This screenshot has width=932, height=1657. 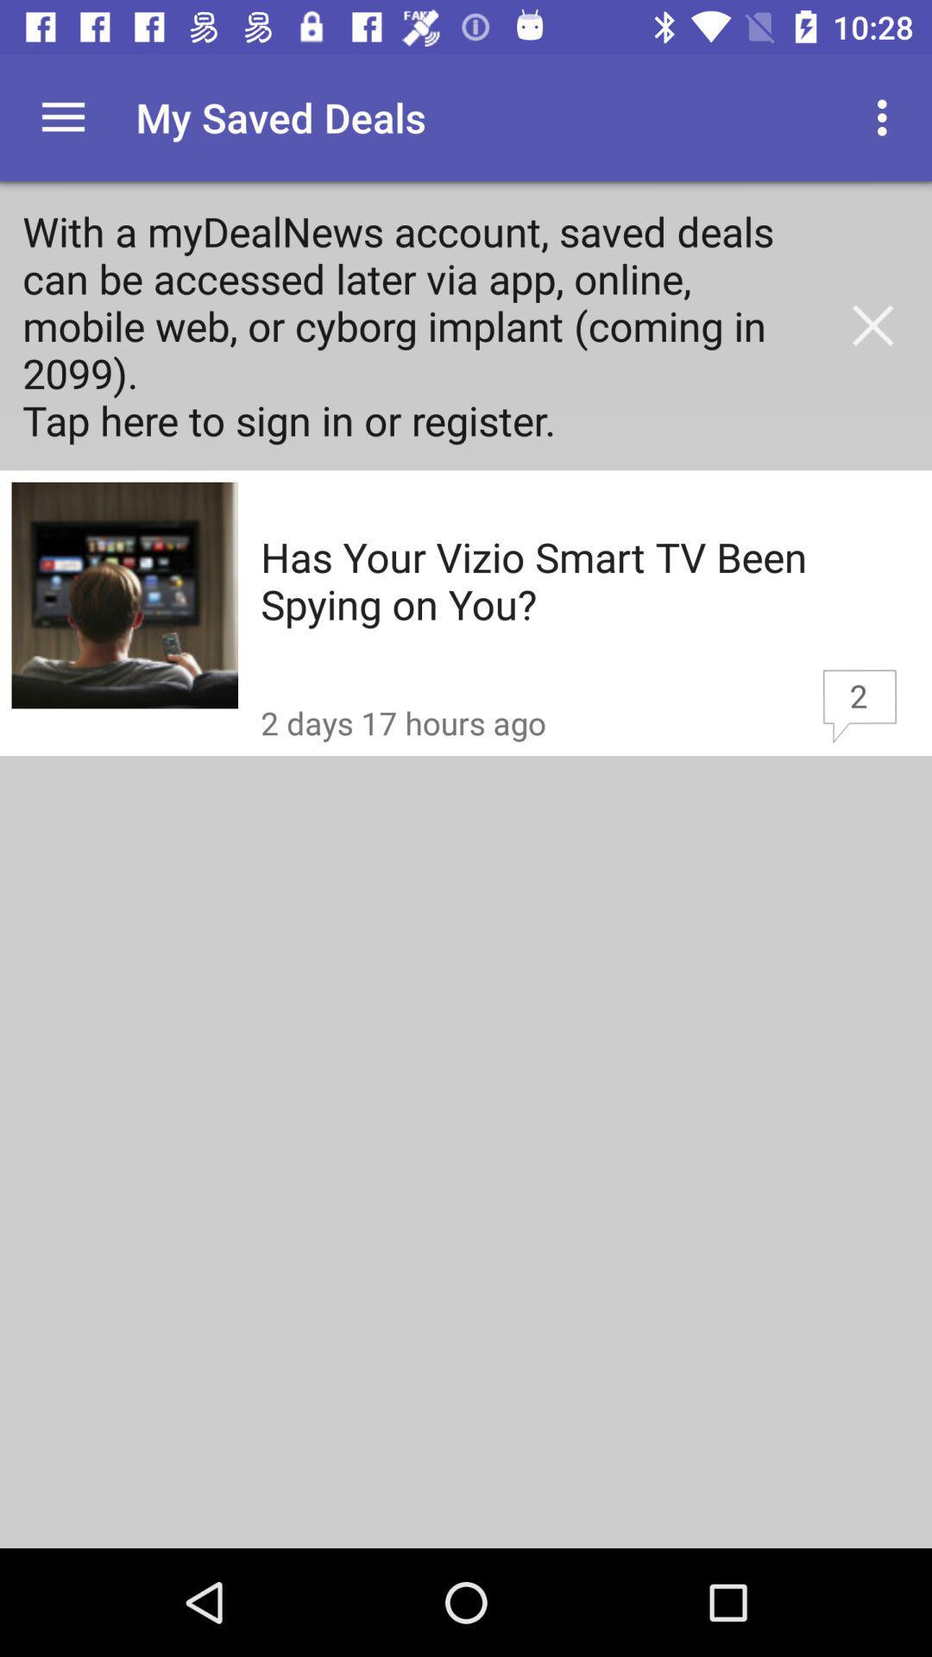 I want to click on exit page, so click(x=872, y=325).